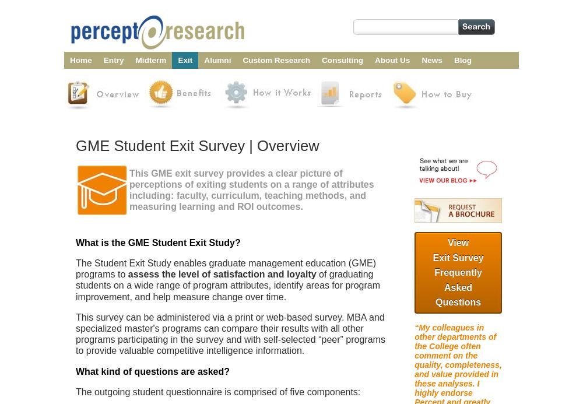 This screenshot has height=404, width=583. What do you see at coordinates (396, 93) in the screenshot?
I see `'Our Clients'` at bounding box center [396, 93].